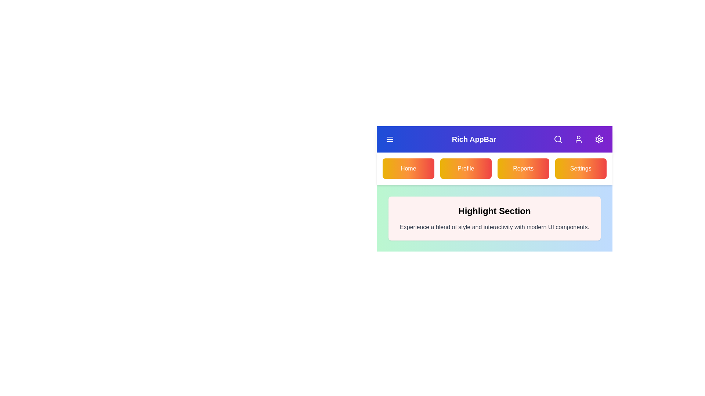 The width and height of the screenshot is (705, 396). I want to click on the button labeled Profile to observe its hover effect, so click(465, 168).